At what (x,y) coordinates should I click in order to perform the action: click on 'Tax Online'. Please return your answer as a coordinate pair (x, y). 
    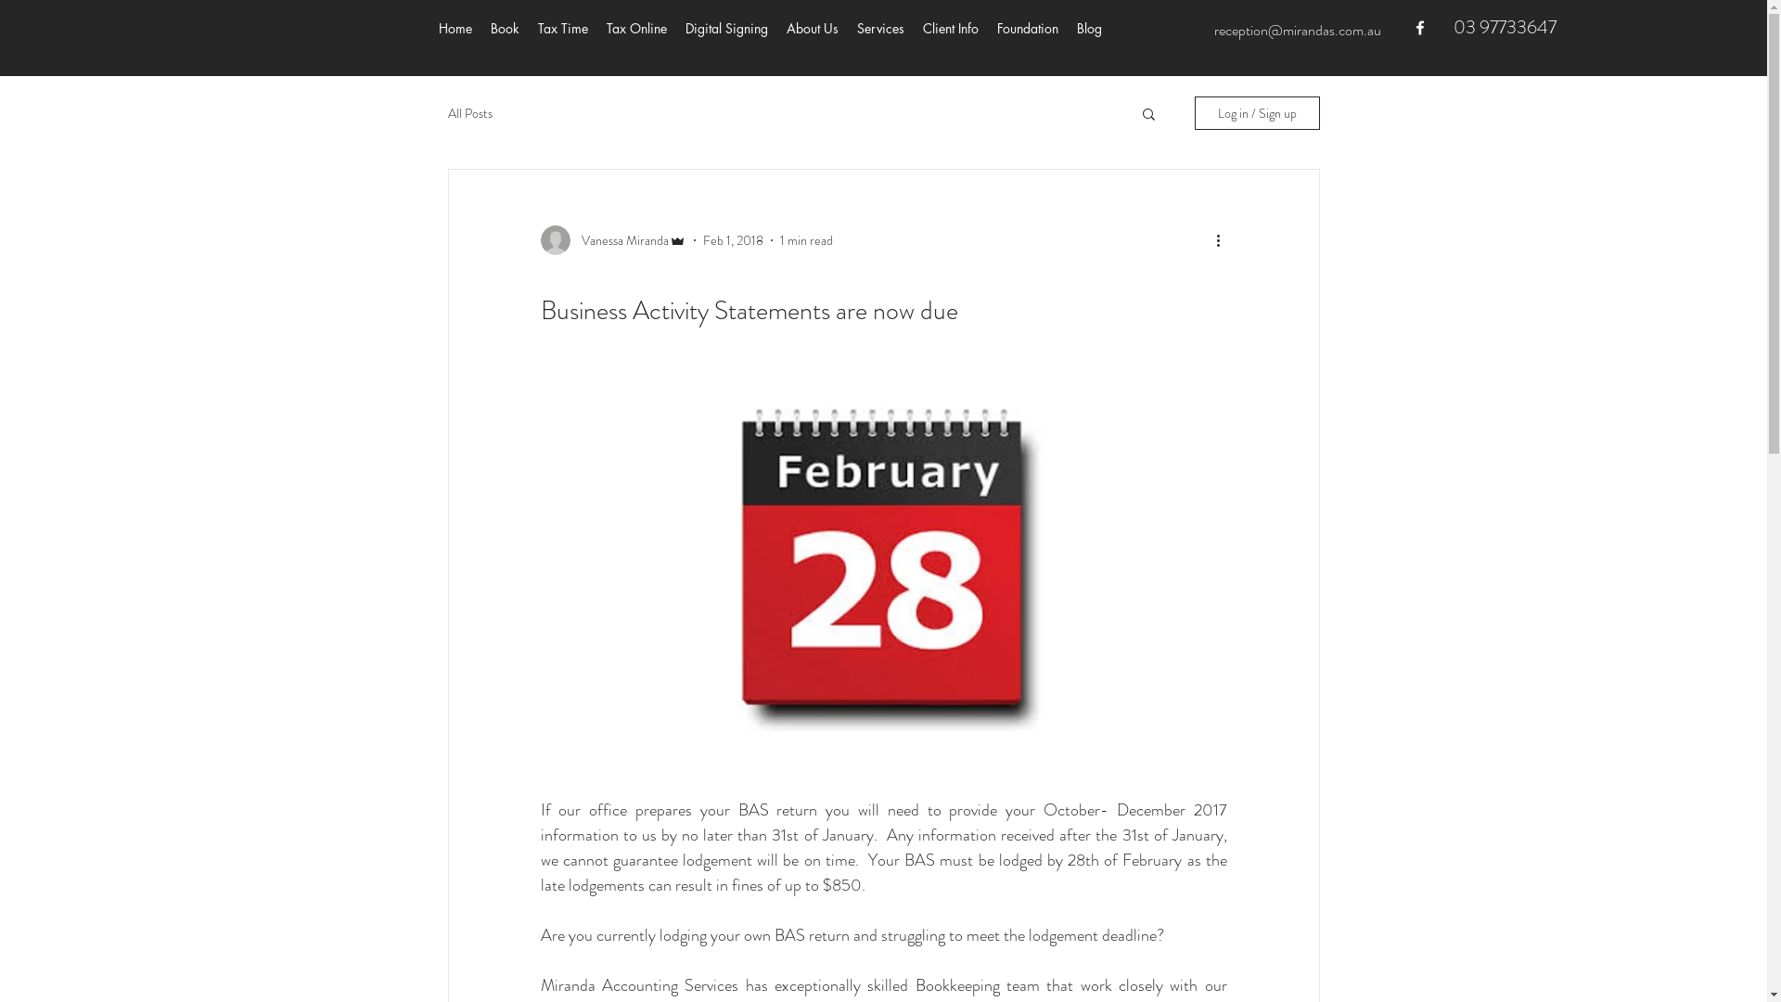
    Looking at the image, I should click on (636, 28).